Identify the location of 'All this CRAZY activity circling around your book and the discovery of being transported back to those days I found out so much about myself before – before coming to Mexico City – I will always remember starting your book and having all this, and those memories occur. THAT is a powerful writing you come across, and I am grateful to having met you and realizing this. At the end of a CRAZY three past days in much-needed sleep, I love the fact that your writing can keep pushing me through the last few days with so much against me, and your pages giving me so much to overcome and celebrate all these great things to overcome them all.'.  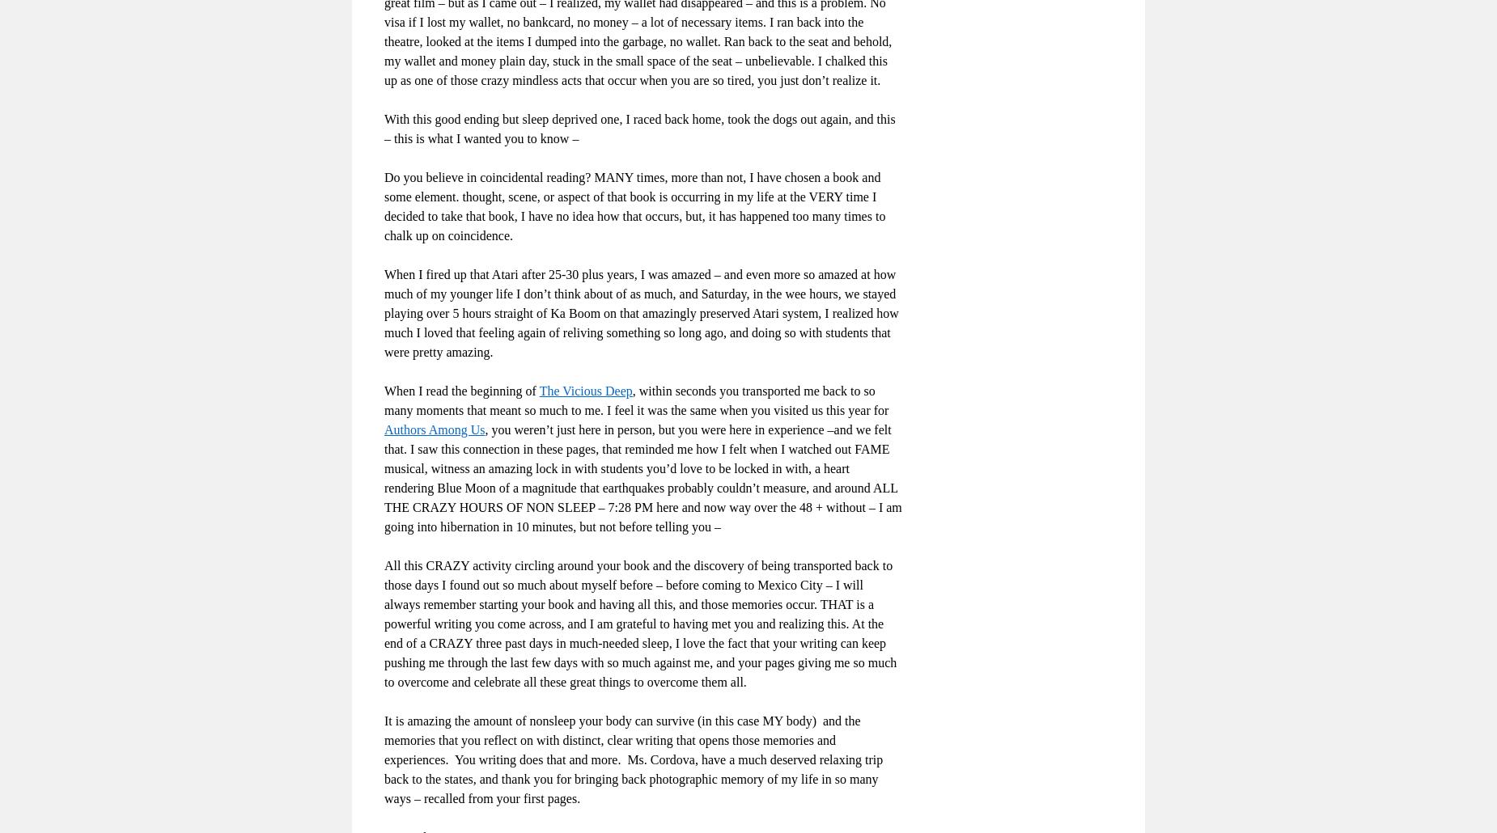
(640, 623).